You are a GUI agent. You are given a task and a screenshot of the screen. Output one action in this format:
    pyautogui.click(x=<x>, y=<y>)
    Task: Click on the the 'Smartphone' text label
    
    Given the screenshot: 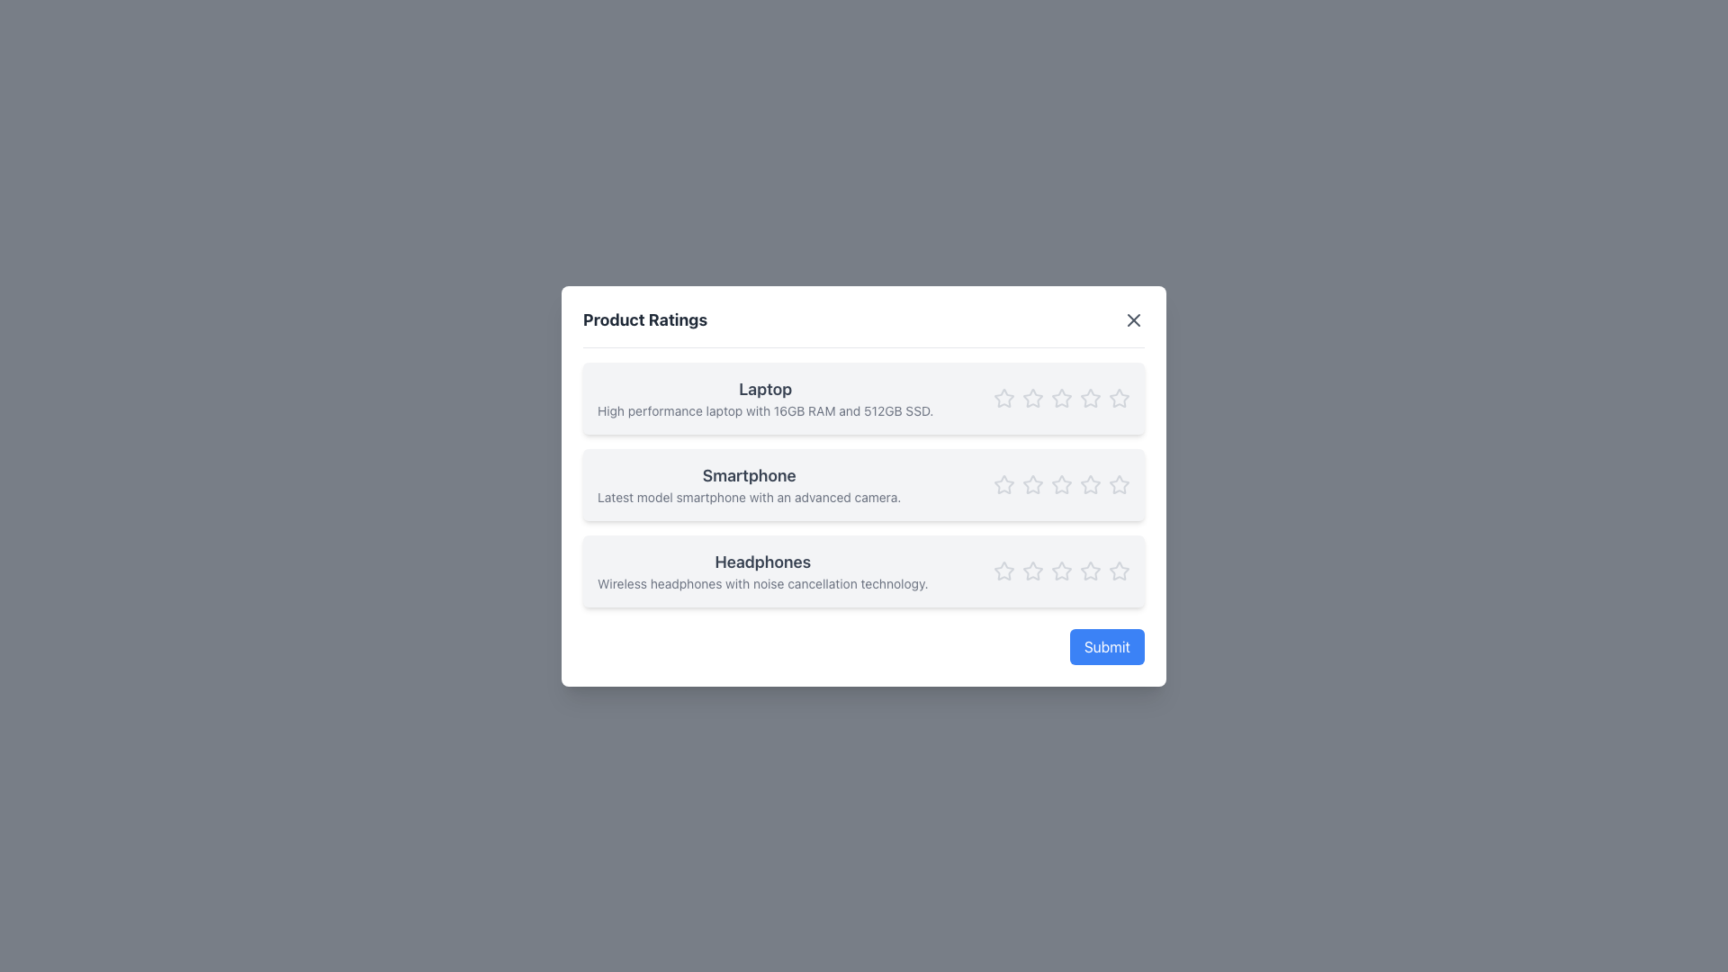 What is the action you would take?
    pyautogui.click(x=749, y=474)
    